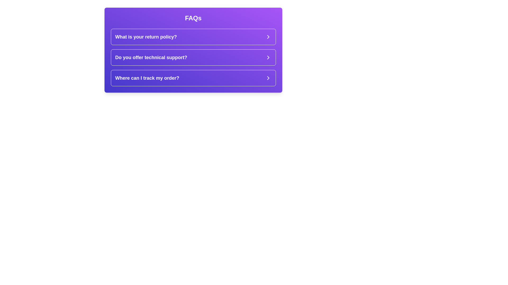 This screenshot has height=285, width=508. Describe the element at coordinates (147, 78) in the screenshot. I see `the first static text element in the FAQ section that serves as a question about order tracking, located below 'What is your return policy?' and 'Do you offer technical support?'` at that location.